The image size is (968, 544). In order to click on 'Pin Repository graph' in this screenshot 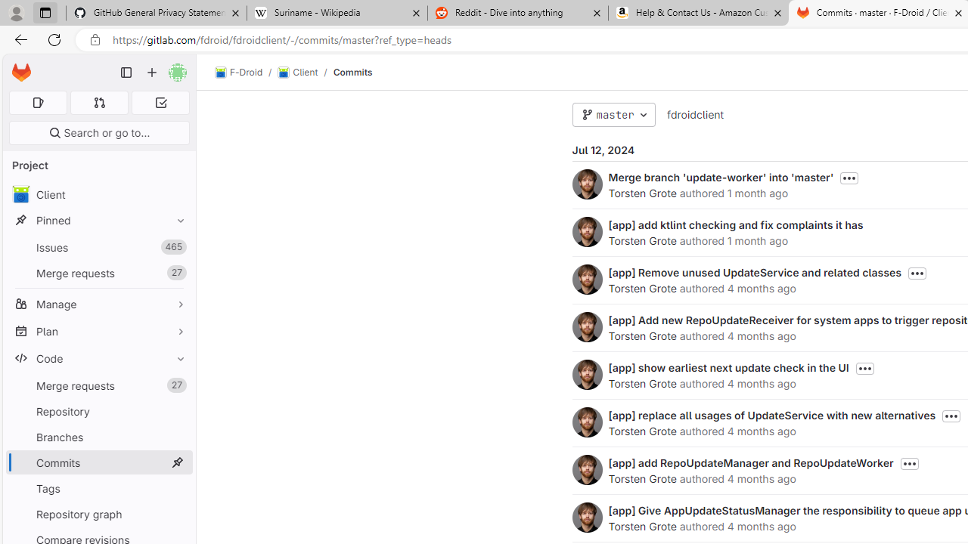, I will do `click(177, 513)`.